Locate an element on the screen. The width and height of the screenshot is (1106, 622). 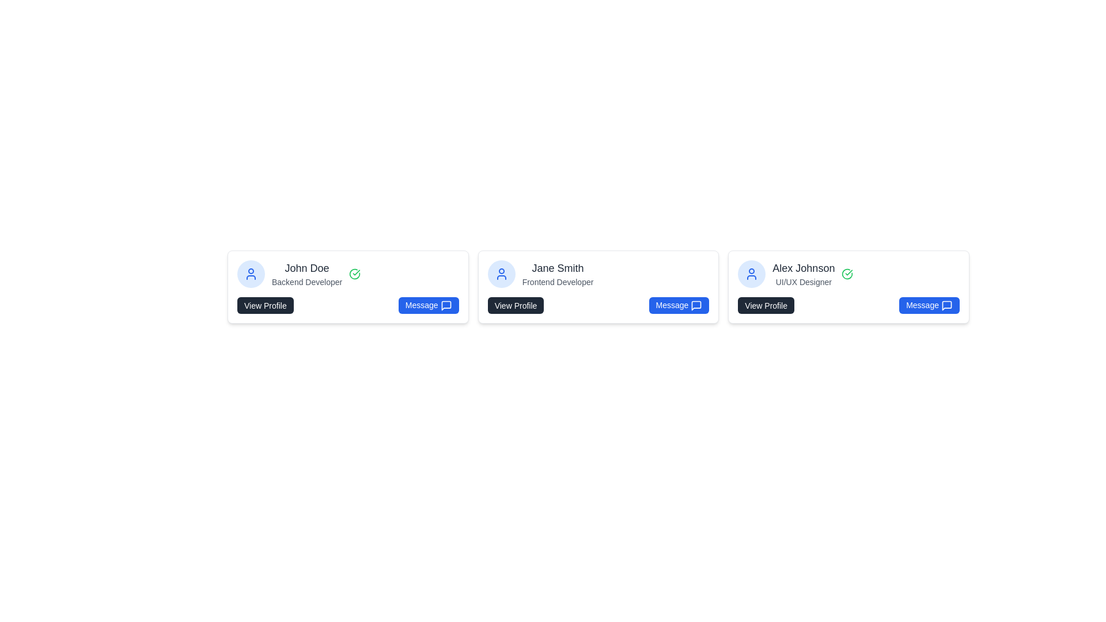
the 'Backend Developer' label located below the 'John Doe' text in the user profile card is located at coordinates (307, 282).